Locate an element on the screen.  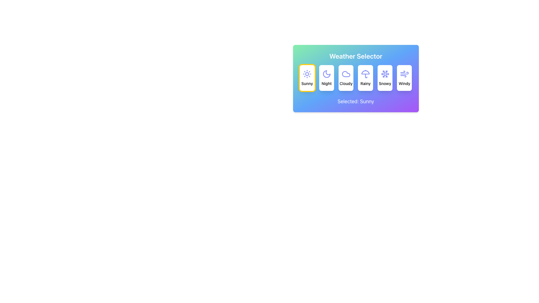
the snowflake icon representing 'snowy' weather conditions in the weather selection interface is located at coordinates (385, 74).